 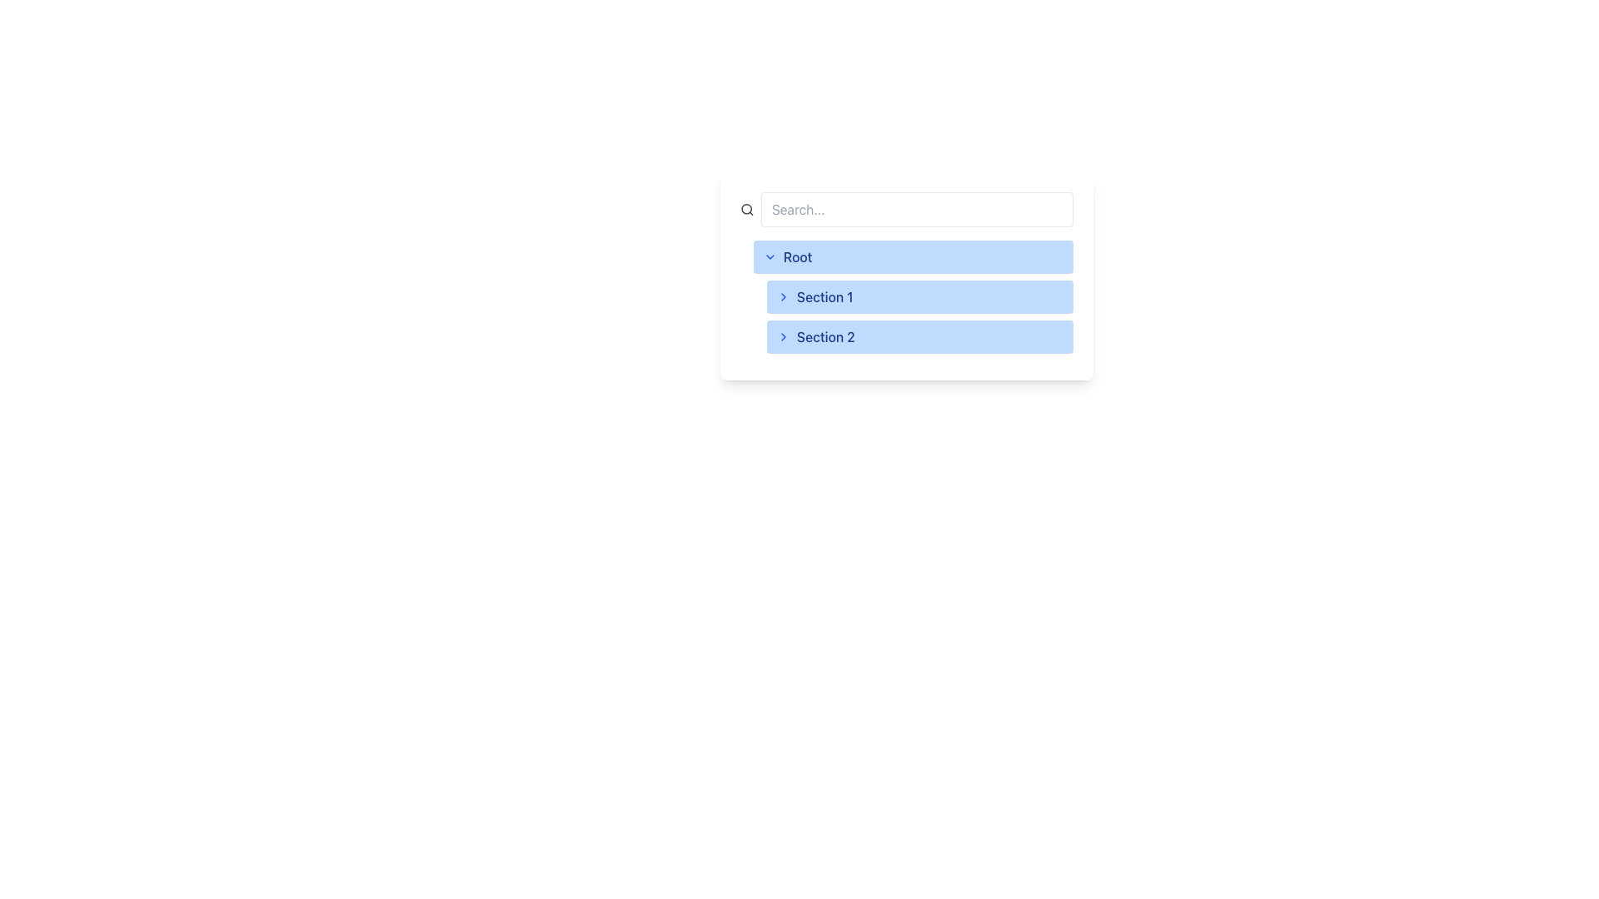 I want to click on the Chevron icon next to 'Section 1', so click(x=782, y=296).